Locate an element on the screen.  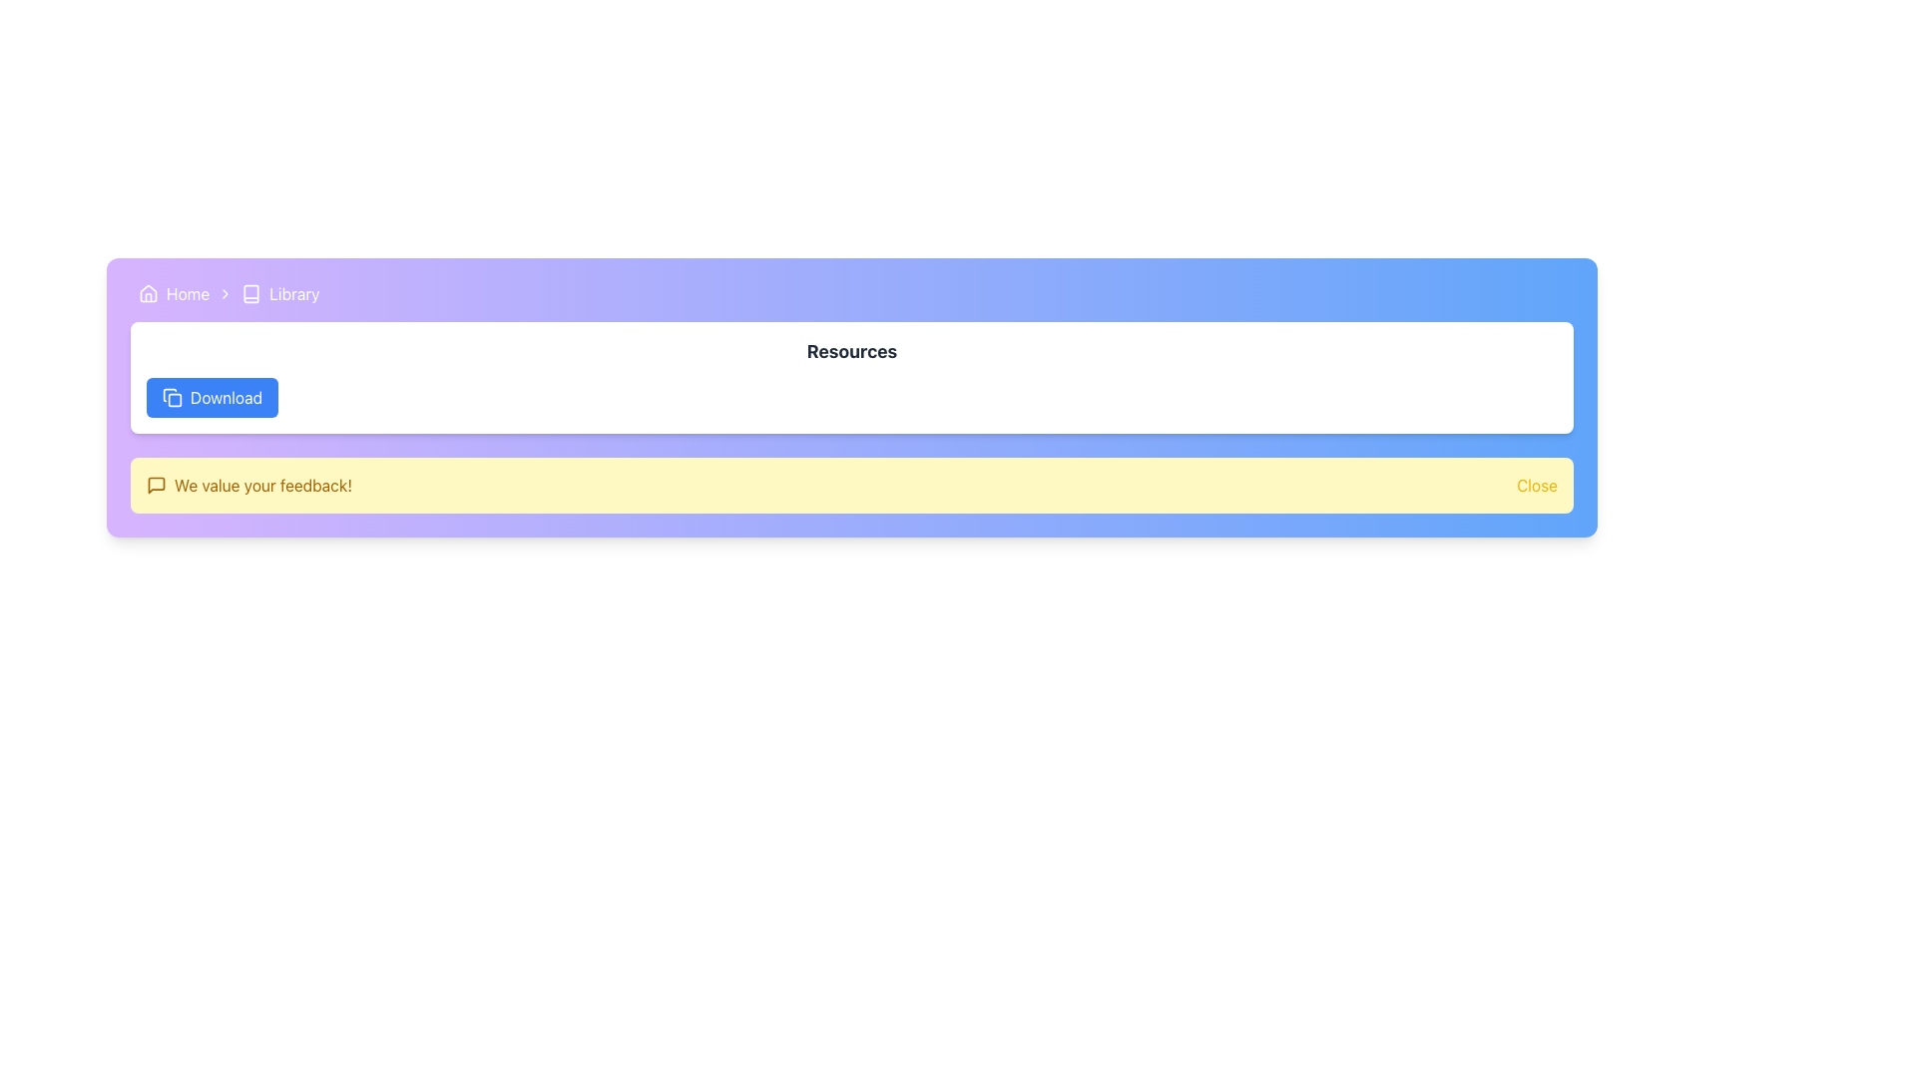
the informative label with an icon and text located in the bottom left section of the interface, adjacent to the 'Close' element is located at coordinates (247, 485).